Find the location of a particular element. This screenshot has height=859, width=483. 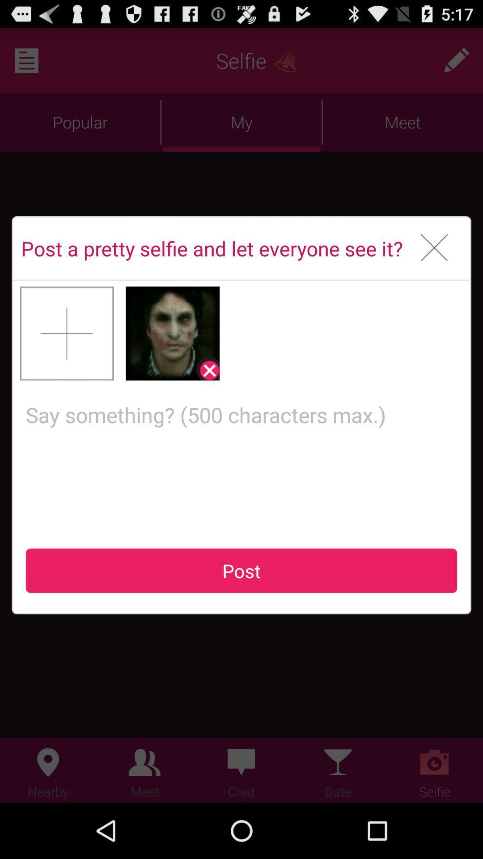

picture is located at coordinates (67, 333).